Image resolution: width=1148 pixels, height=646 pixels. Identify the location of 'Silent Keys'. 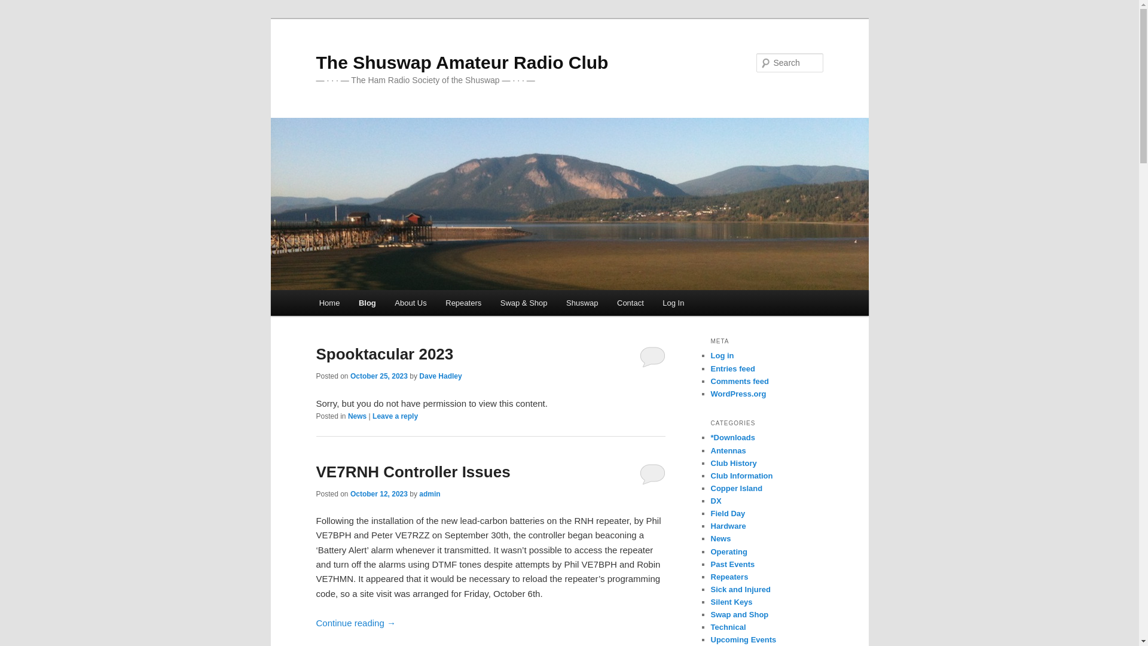
(731, 602).